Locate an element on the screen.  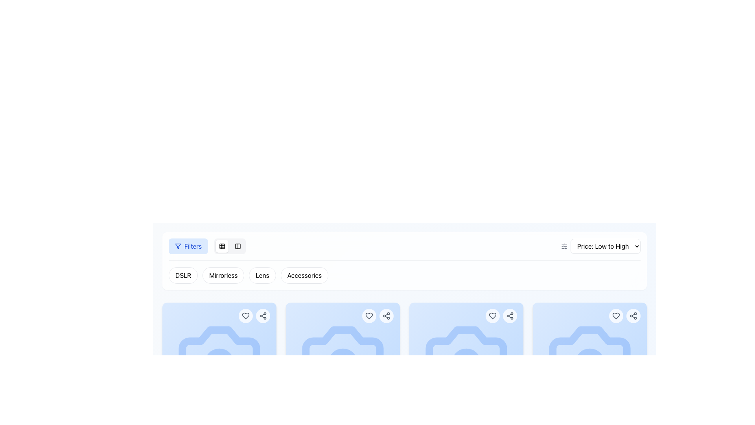
the circular button with a white background and heart icon located in the top-right corner of the product card is located at coordinates (615, 315).